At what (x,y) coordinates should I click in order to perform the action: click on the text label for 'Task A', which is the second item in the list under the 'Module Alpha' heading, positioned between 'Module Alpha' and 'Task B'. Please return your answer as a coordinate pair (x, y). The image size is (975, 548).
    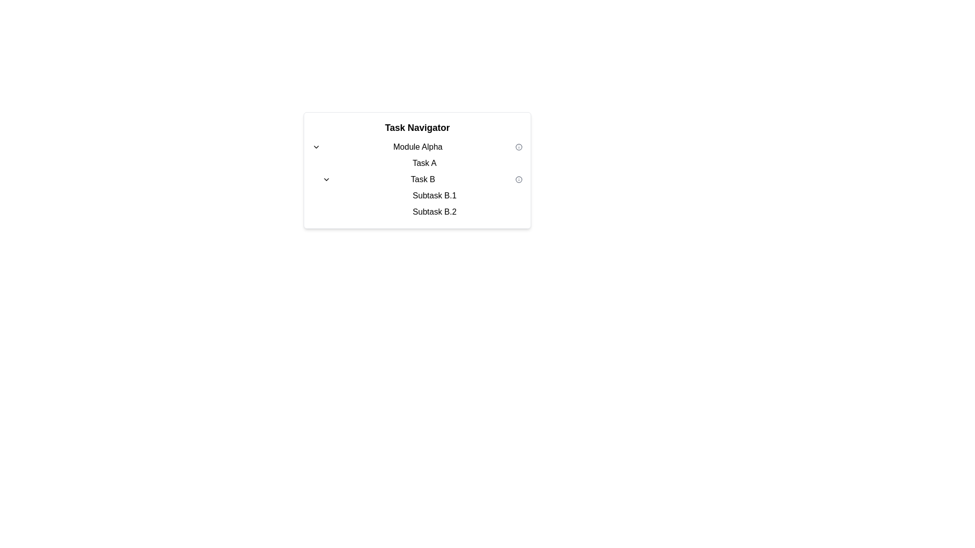
    Looking at the image, I should click on (422, 162).